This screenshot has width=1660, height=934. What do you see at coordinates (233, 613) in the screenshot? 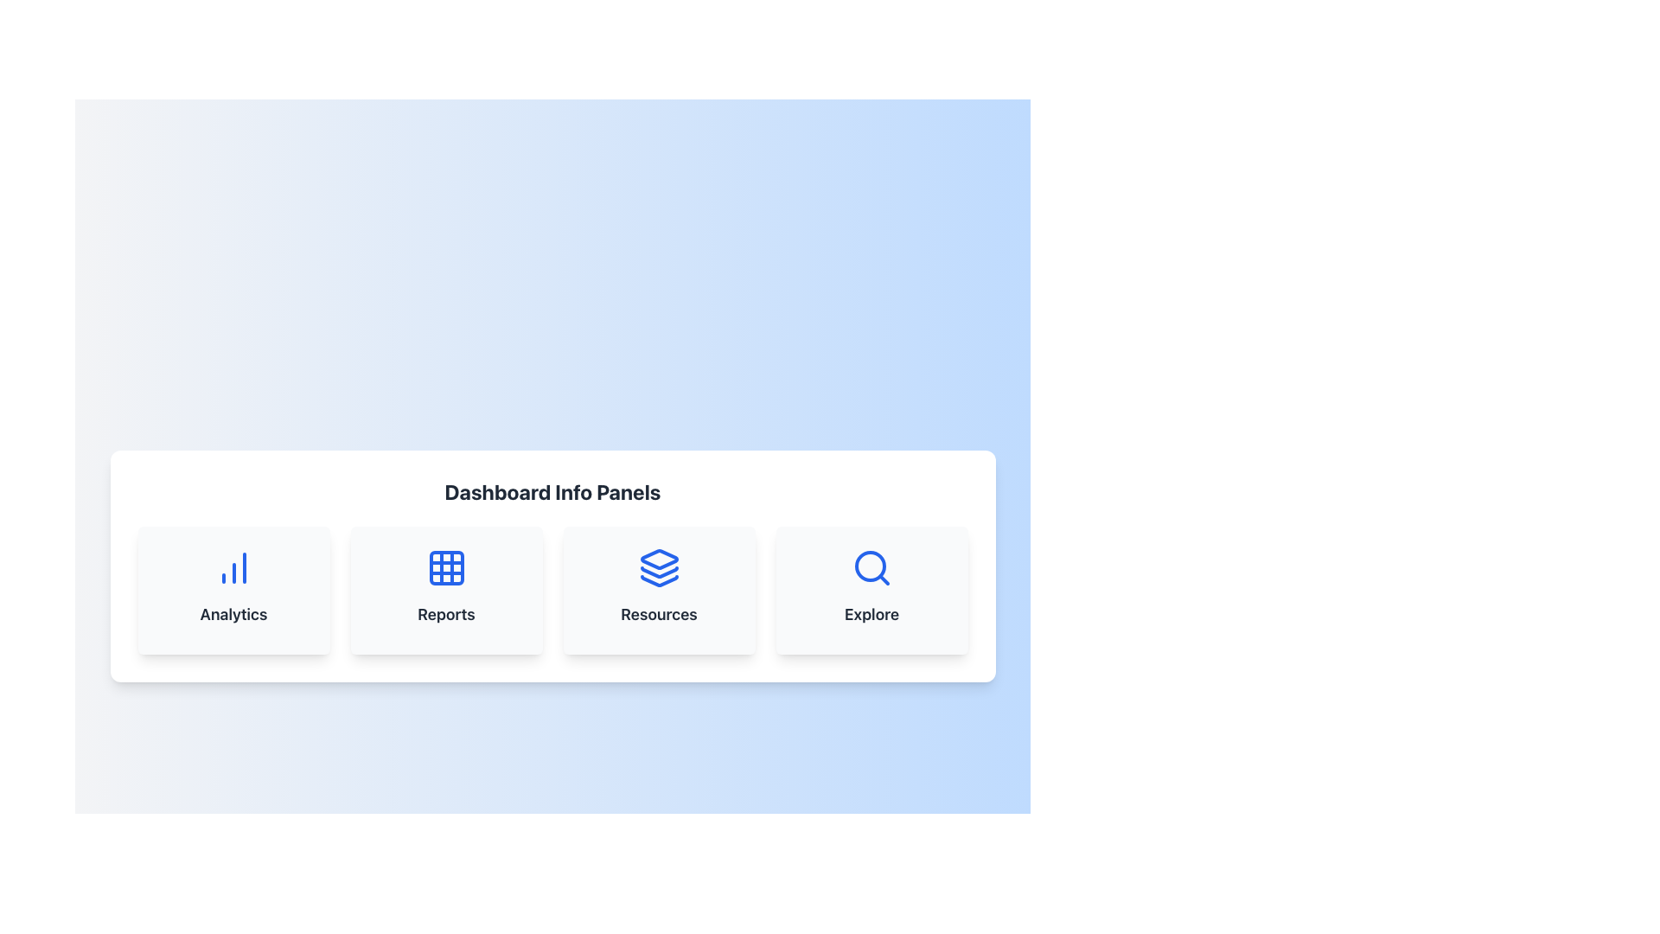
I see `the 'Analytics' text label, which is styled in bold, large dark gray font, positioned centrally within the first card of the dashboard's main panel` at bounding box center [233, 613].